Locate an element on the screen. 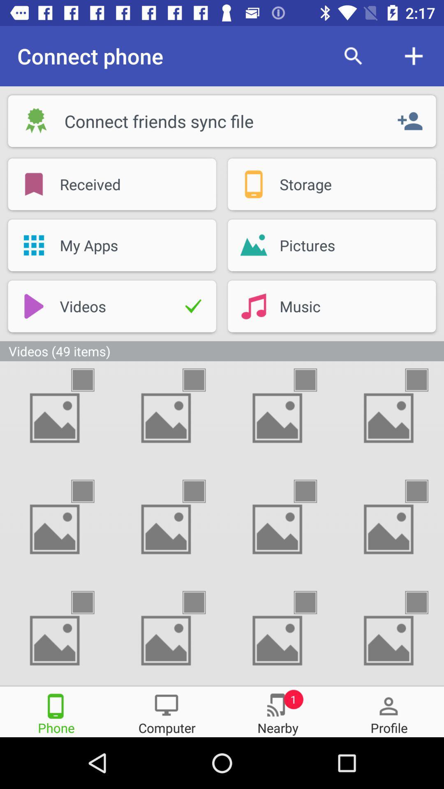 The image size is (444, 789). videos is located at coordinates (90, 602).